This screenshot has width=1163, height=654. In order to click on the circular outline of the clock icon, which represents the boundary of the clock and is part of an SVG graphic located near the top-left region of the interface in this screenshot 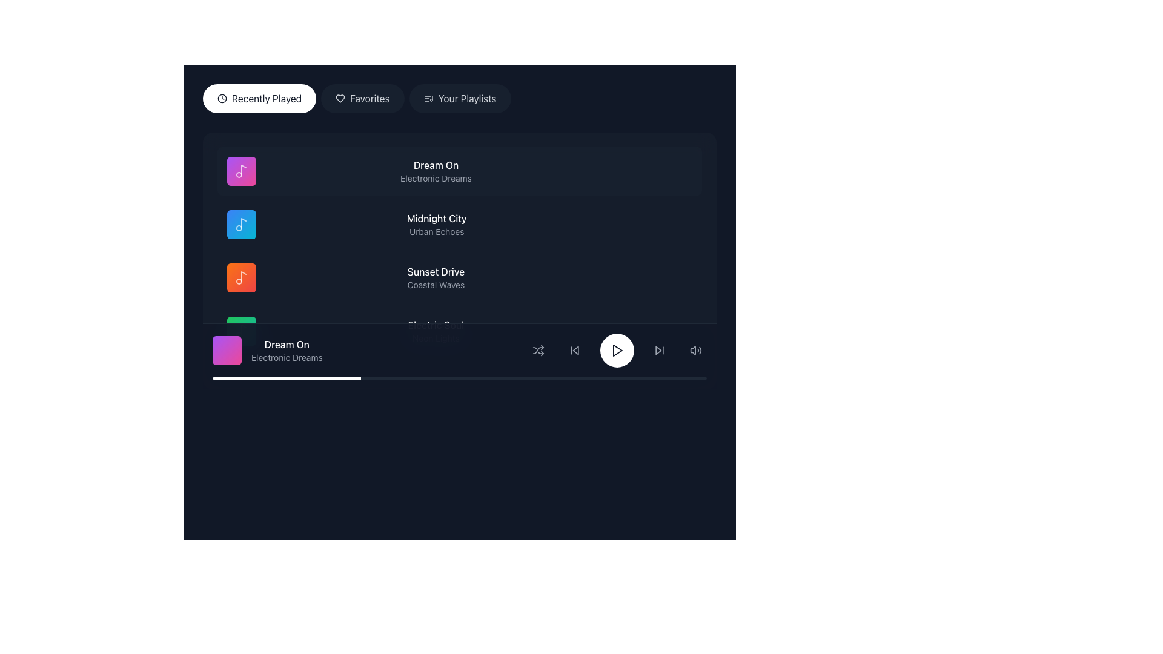, I will do `click(222, 97)`.